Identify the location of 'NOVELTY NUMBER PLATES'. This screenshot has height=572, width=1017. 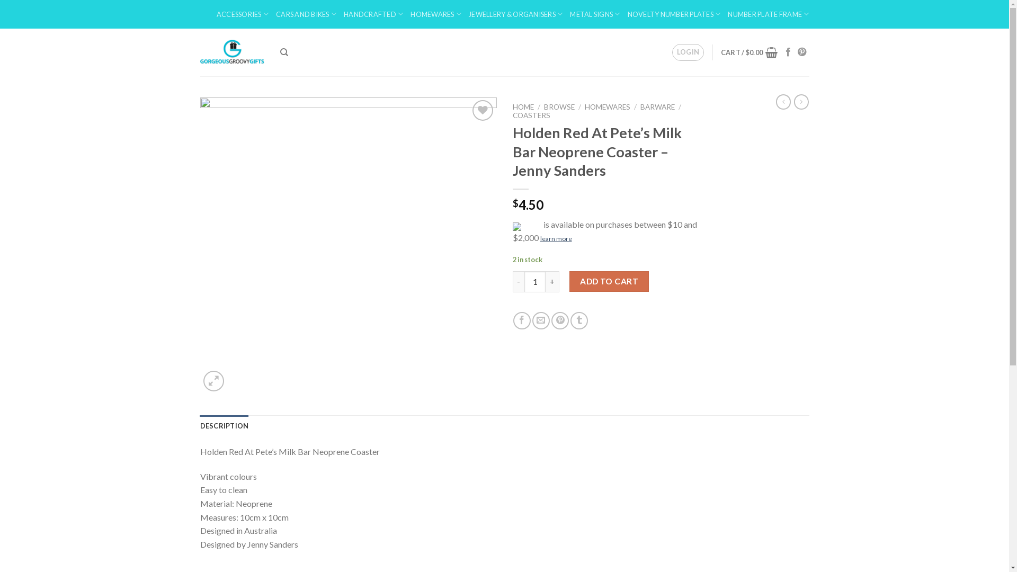
(673, 14).